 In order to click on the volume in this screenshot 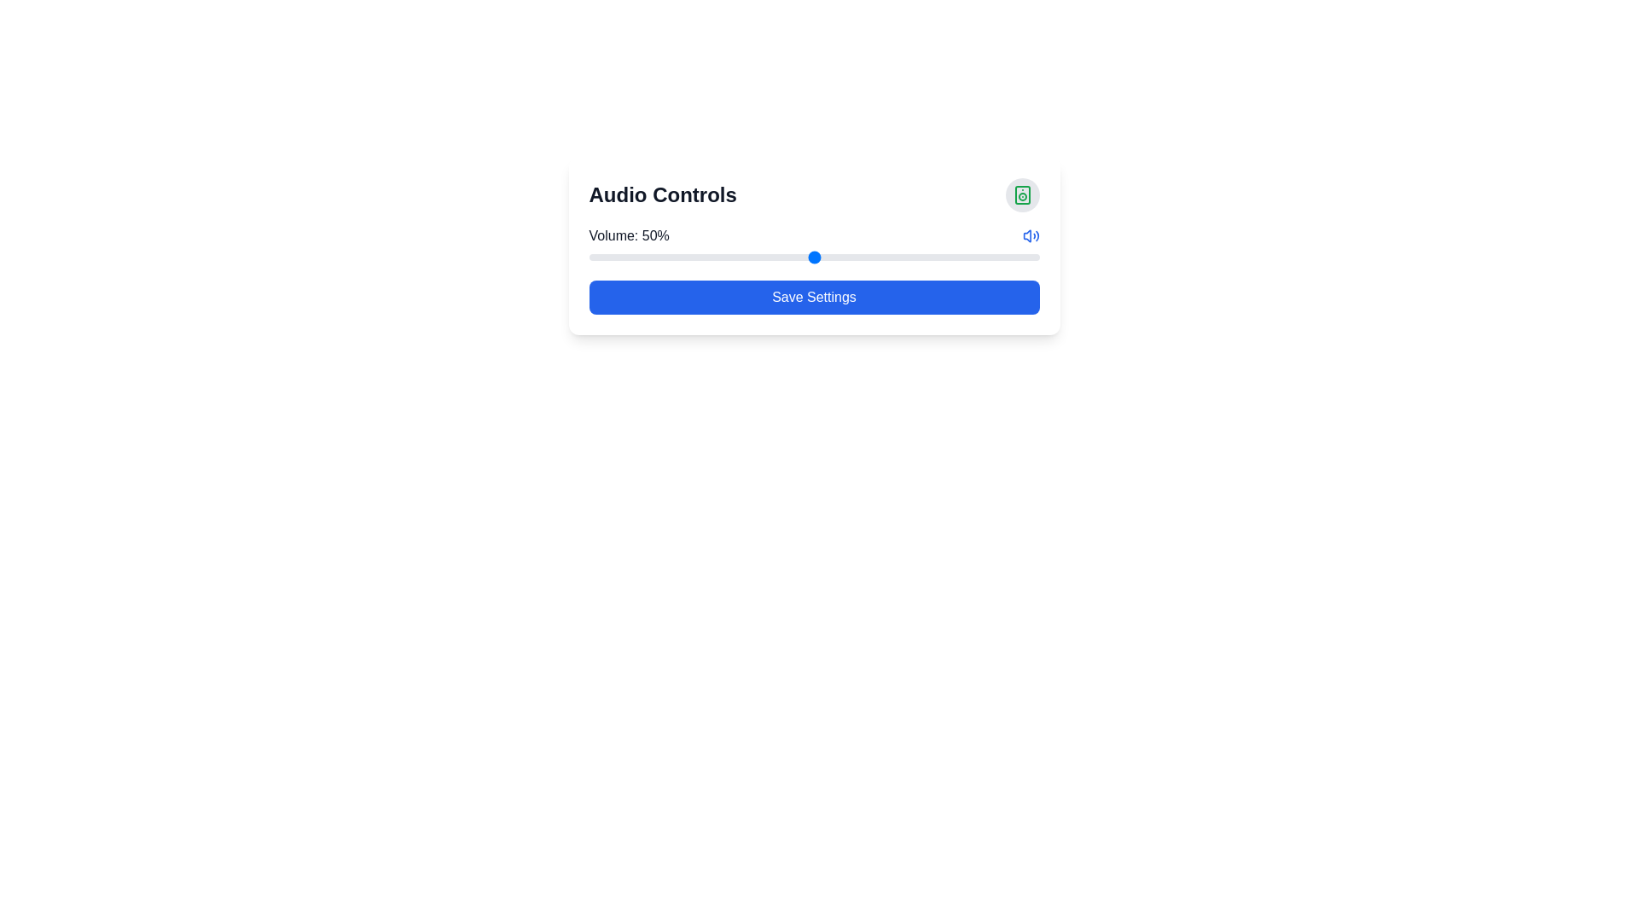, I will do `click(863, 257)`.